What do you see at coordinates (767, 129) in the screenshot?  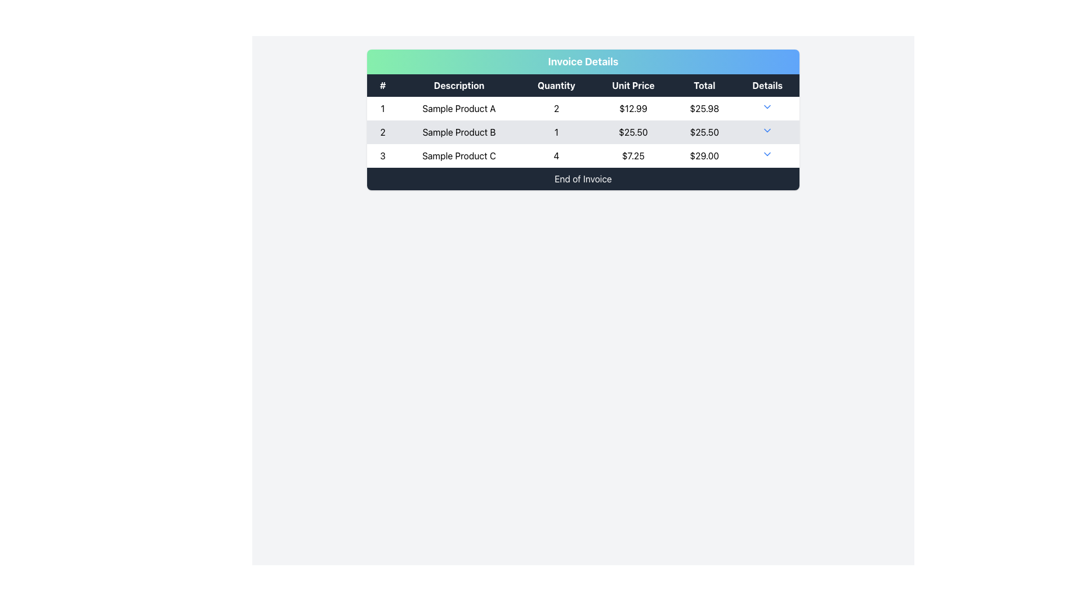 I see `the small blue down-facing chevron icon located in the second row under the 'Details' column of the table, aligned with 'Sample Product B'` at bounding box center [767, 129].